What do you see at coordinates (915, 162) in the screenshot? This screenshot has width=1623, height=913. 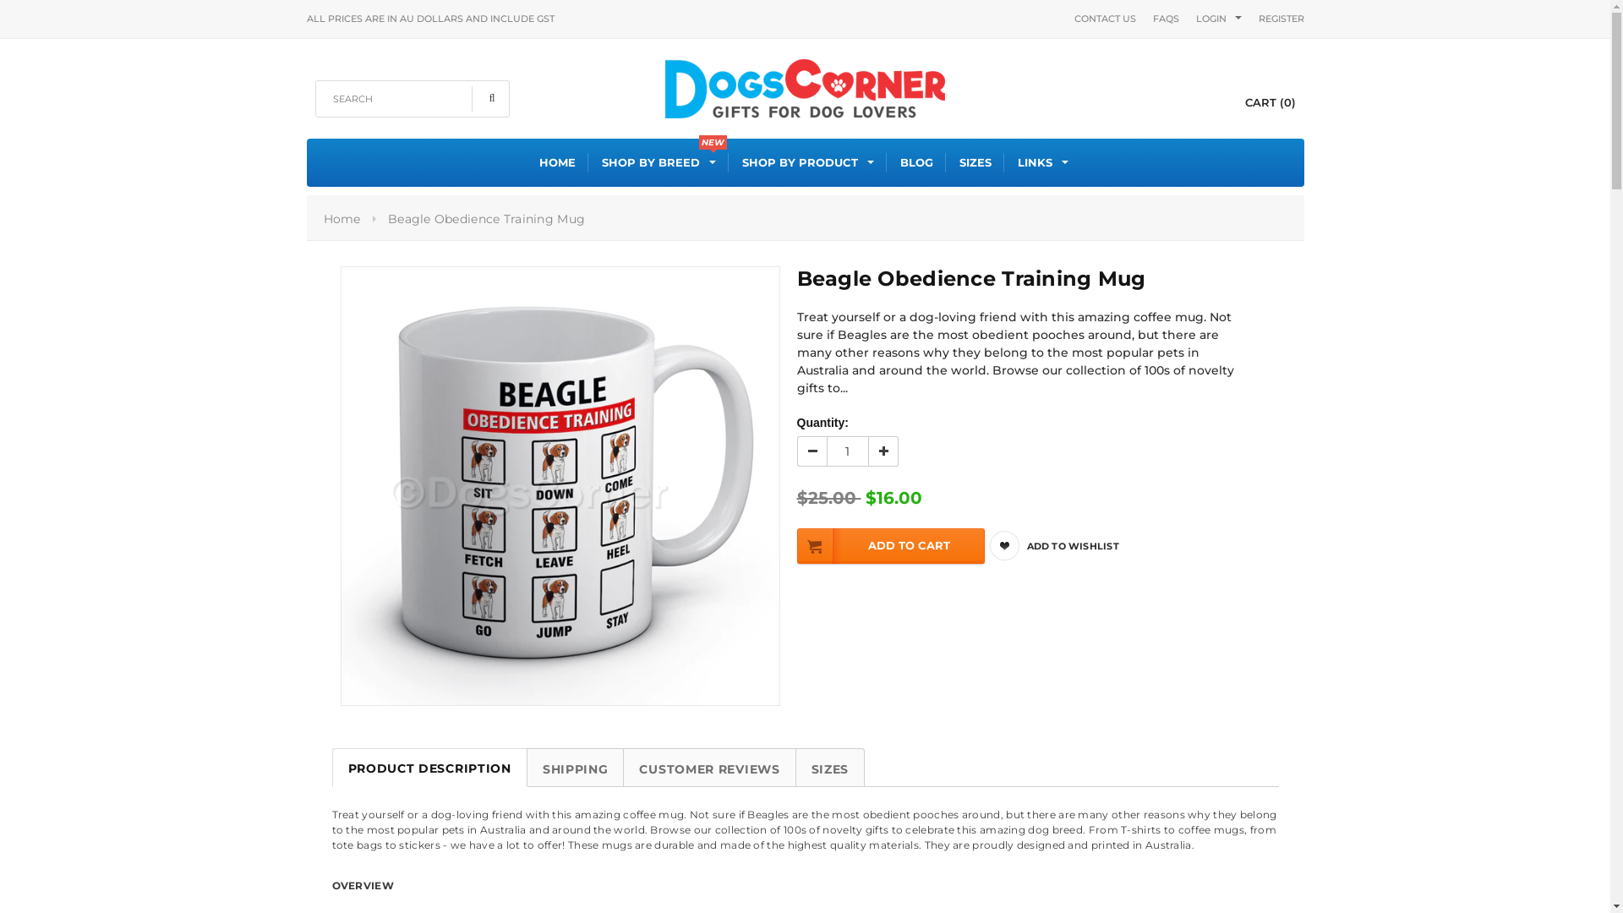 I see `'BLOG'` at bounding box center [915, 162].